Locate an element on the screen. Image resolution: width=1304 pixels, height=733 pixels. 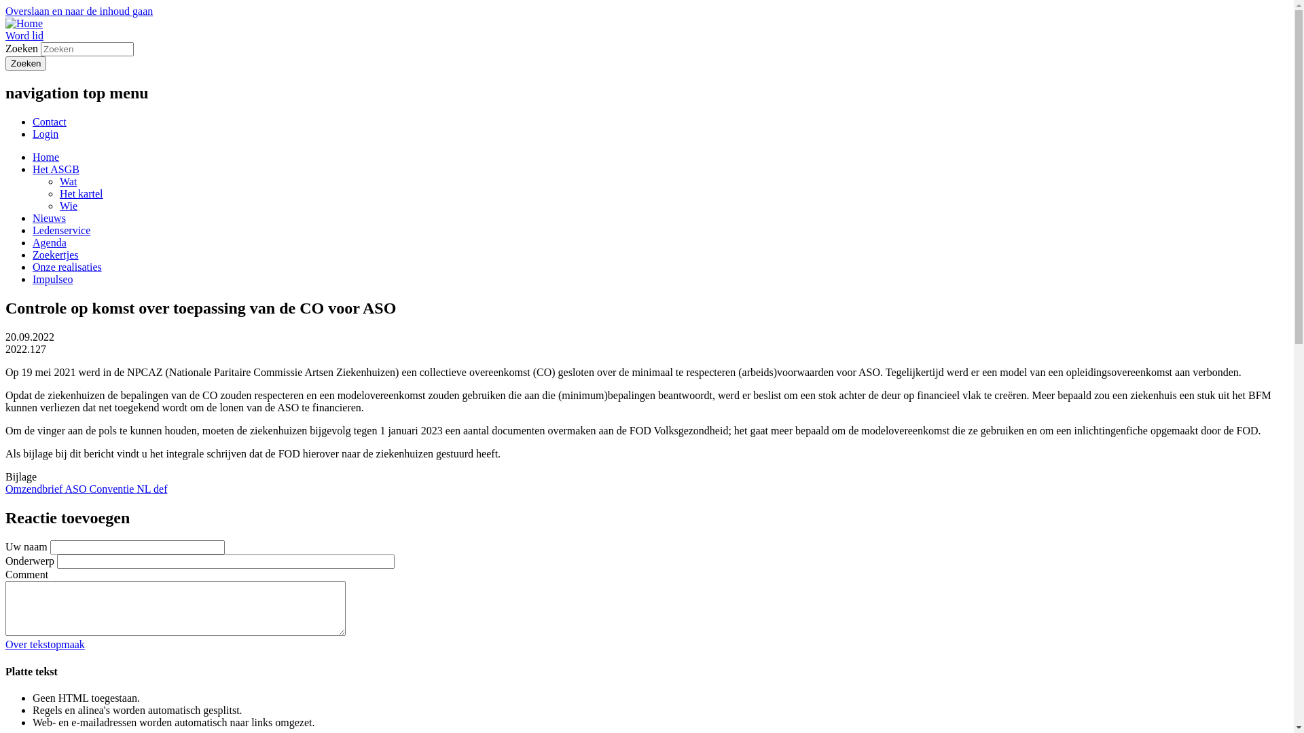
'Overslaan en naar de inhoud gaan' is located at coordinates (78, 11).